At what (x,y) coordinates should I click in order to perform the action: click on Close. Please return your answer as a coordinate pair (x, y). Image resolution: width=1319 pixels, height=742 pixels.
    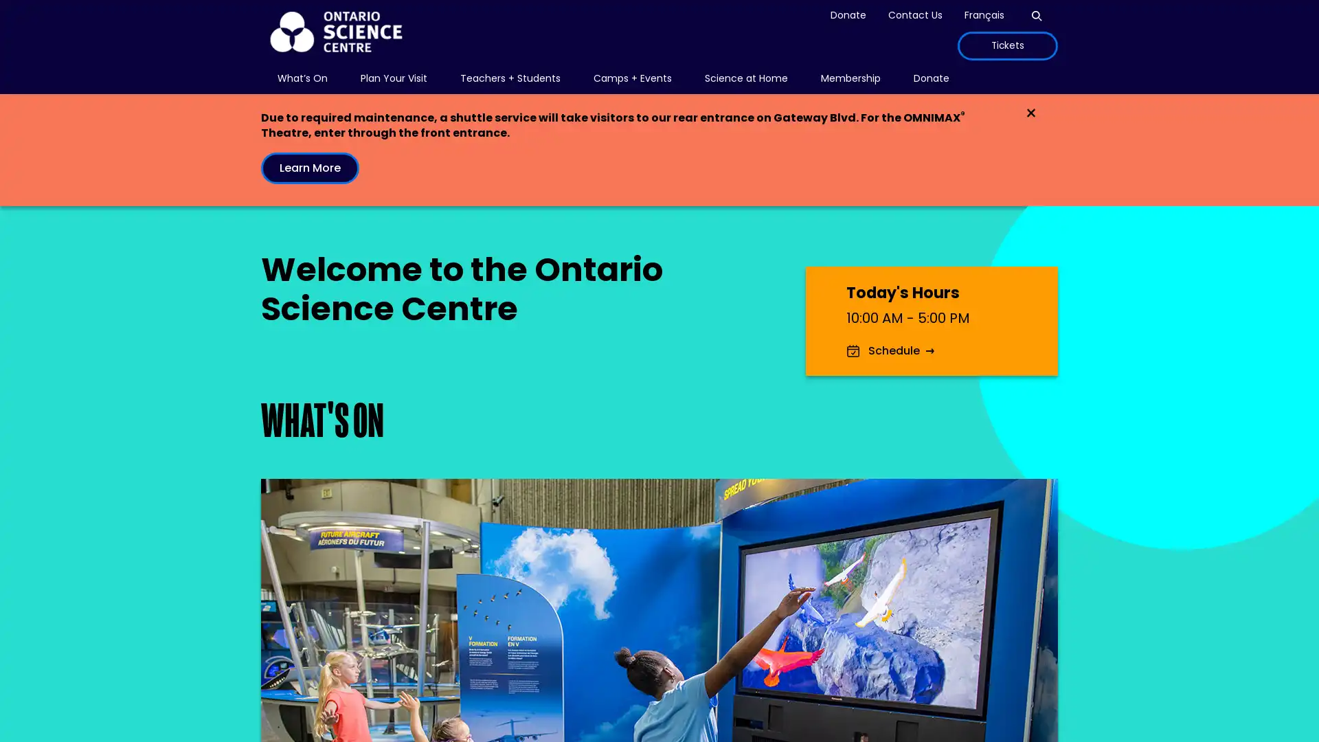
    Looking at the image, I should click on (1031, 113).